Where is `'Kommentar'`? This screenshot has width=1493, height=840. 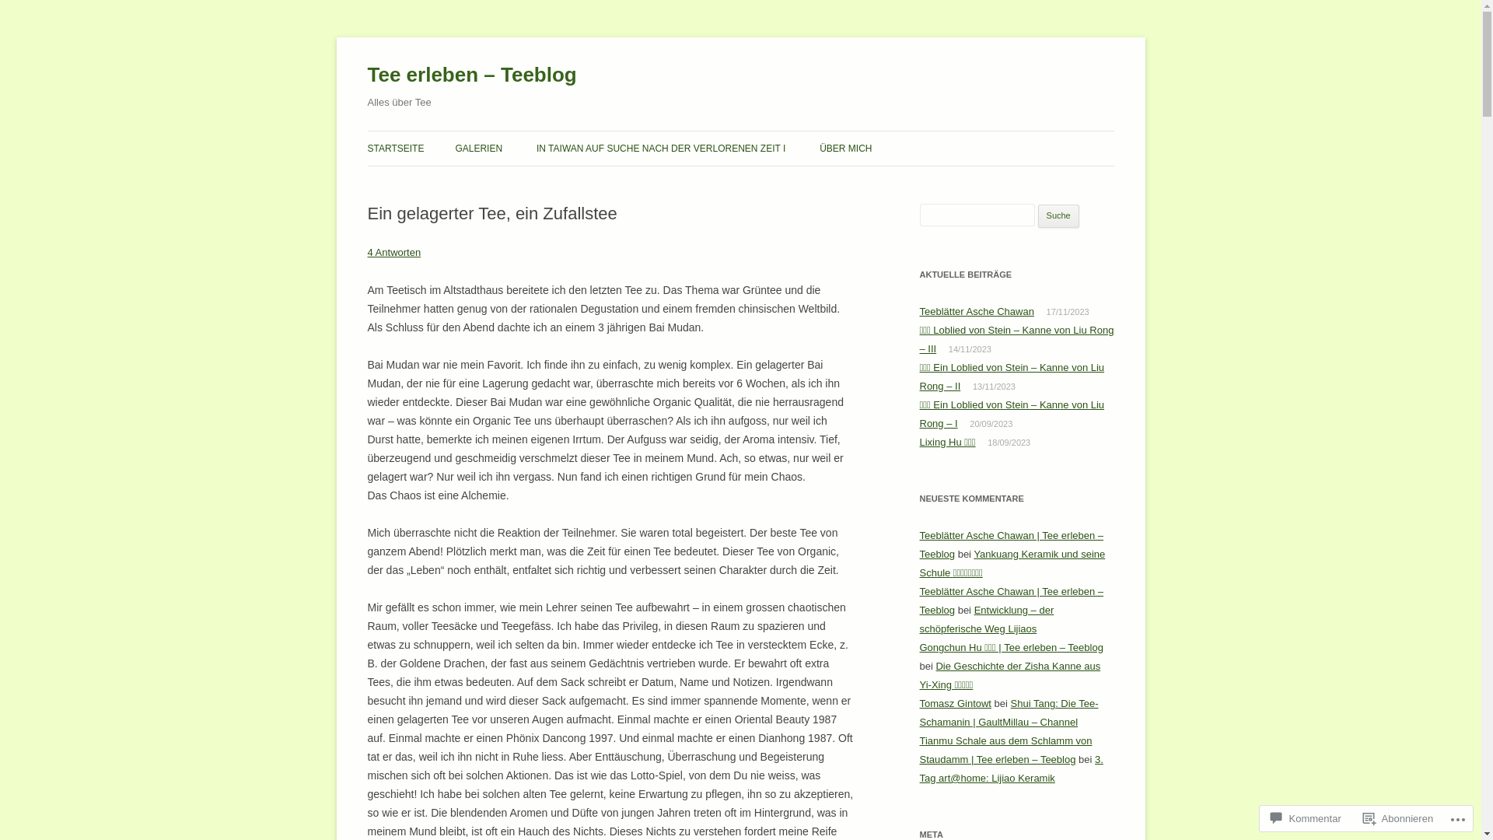
'Kommentar' is located at coordinates (1306, 817).